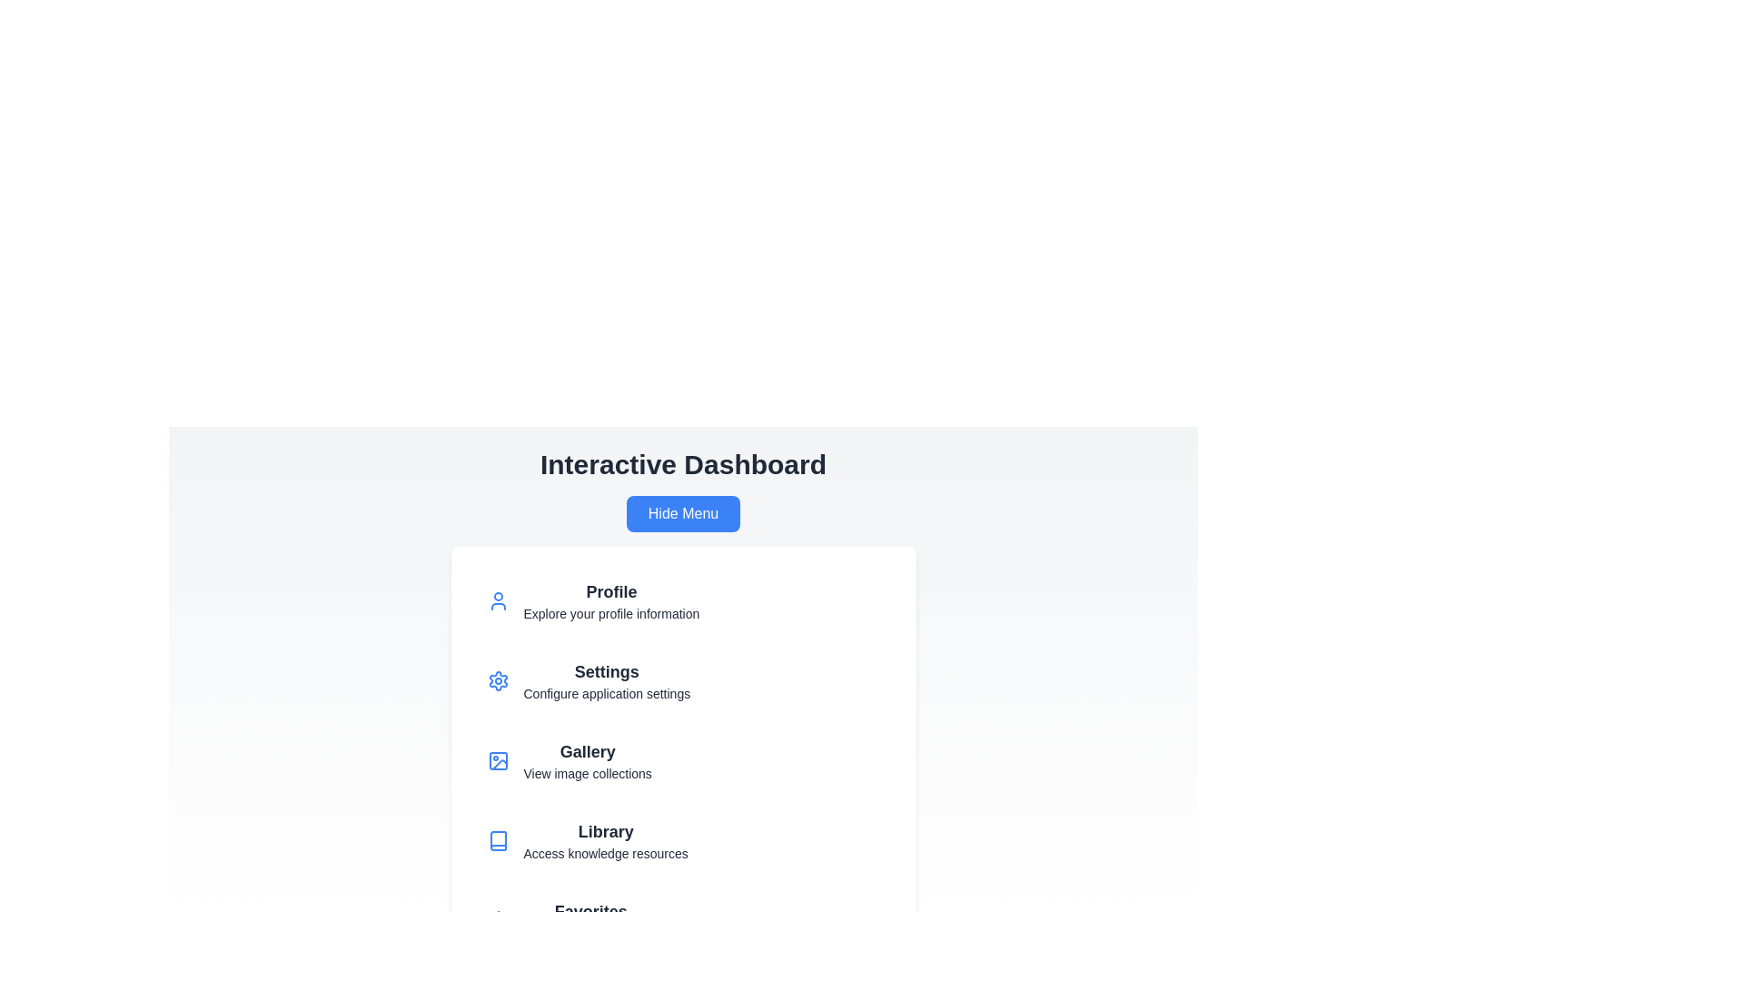  Describe the element at coordinates (682, 601) in the screenshot. I see `the menu item Profile by clicking on it` at that location.